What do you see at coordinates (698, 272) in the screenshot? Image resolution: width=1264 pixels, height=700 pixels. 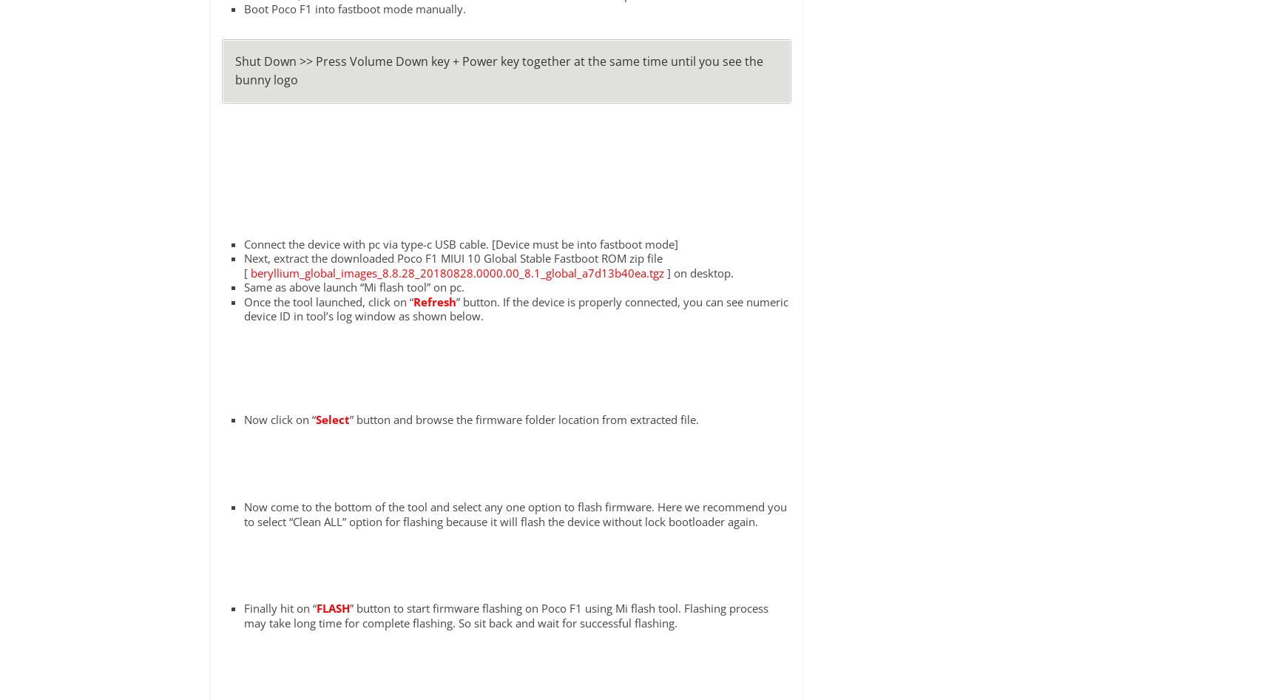 I see `'] on desktop.'` at bounding box center [698, 272].